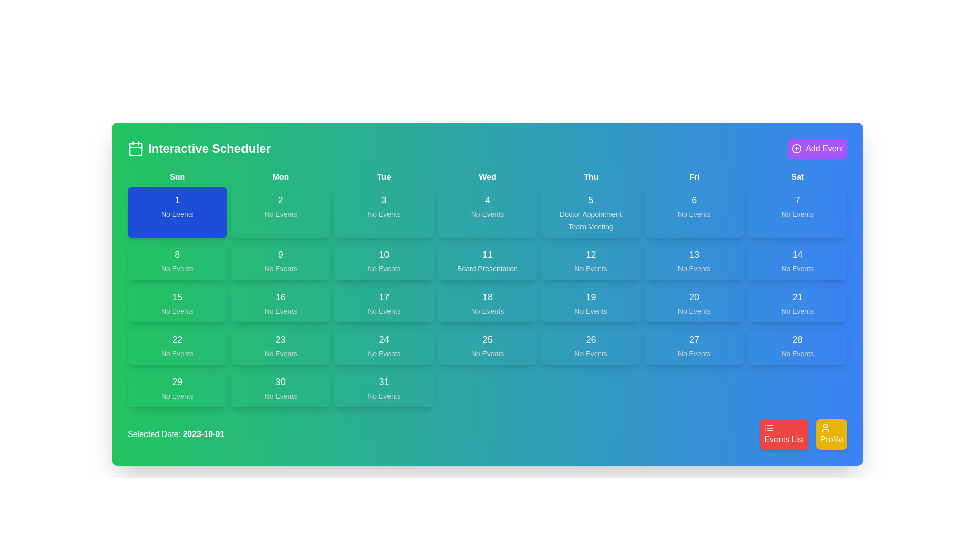 The height and width of the screenshot is (545, 970). What do you see at coordinates (694, 345) in the screenshot?
I see `the Interactive calendar day cell containing the text '27' and 'No Events'` at bounding box center [694, 345].